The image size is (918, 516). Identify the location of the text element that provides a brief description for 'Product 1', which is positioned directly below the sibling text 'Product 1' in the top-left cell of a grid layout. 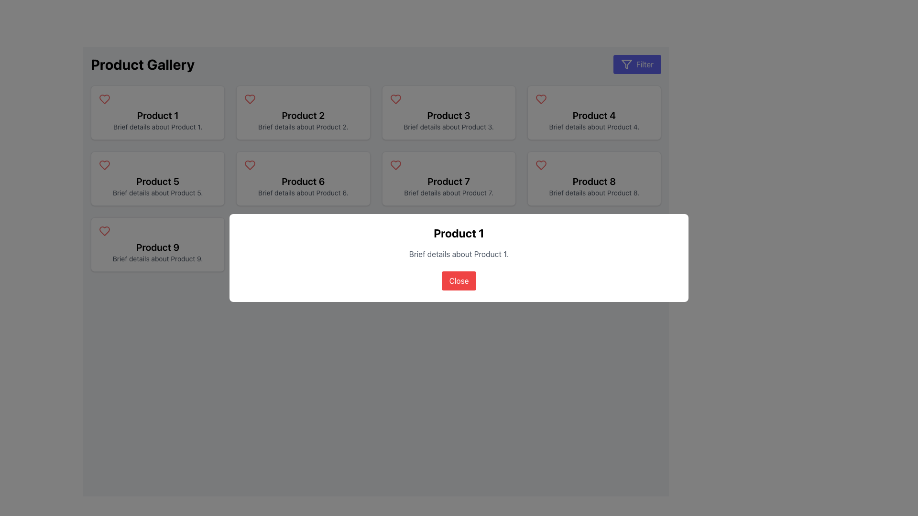
(158, 127).